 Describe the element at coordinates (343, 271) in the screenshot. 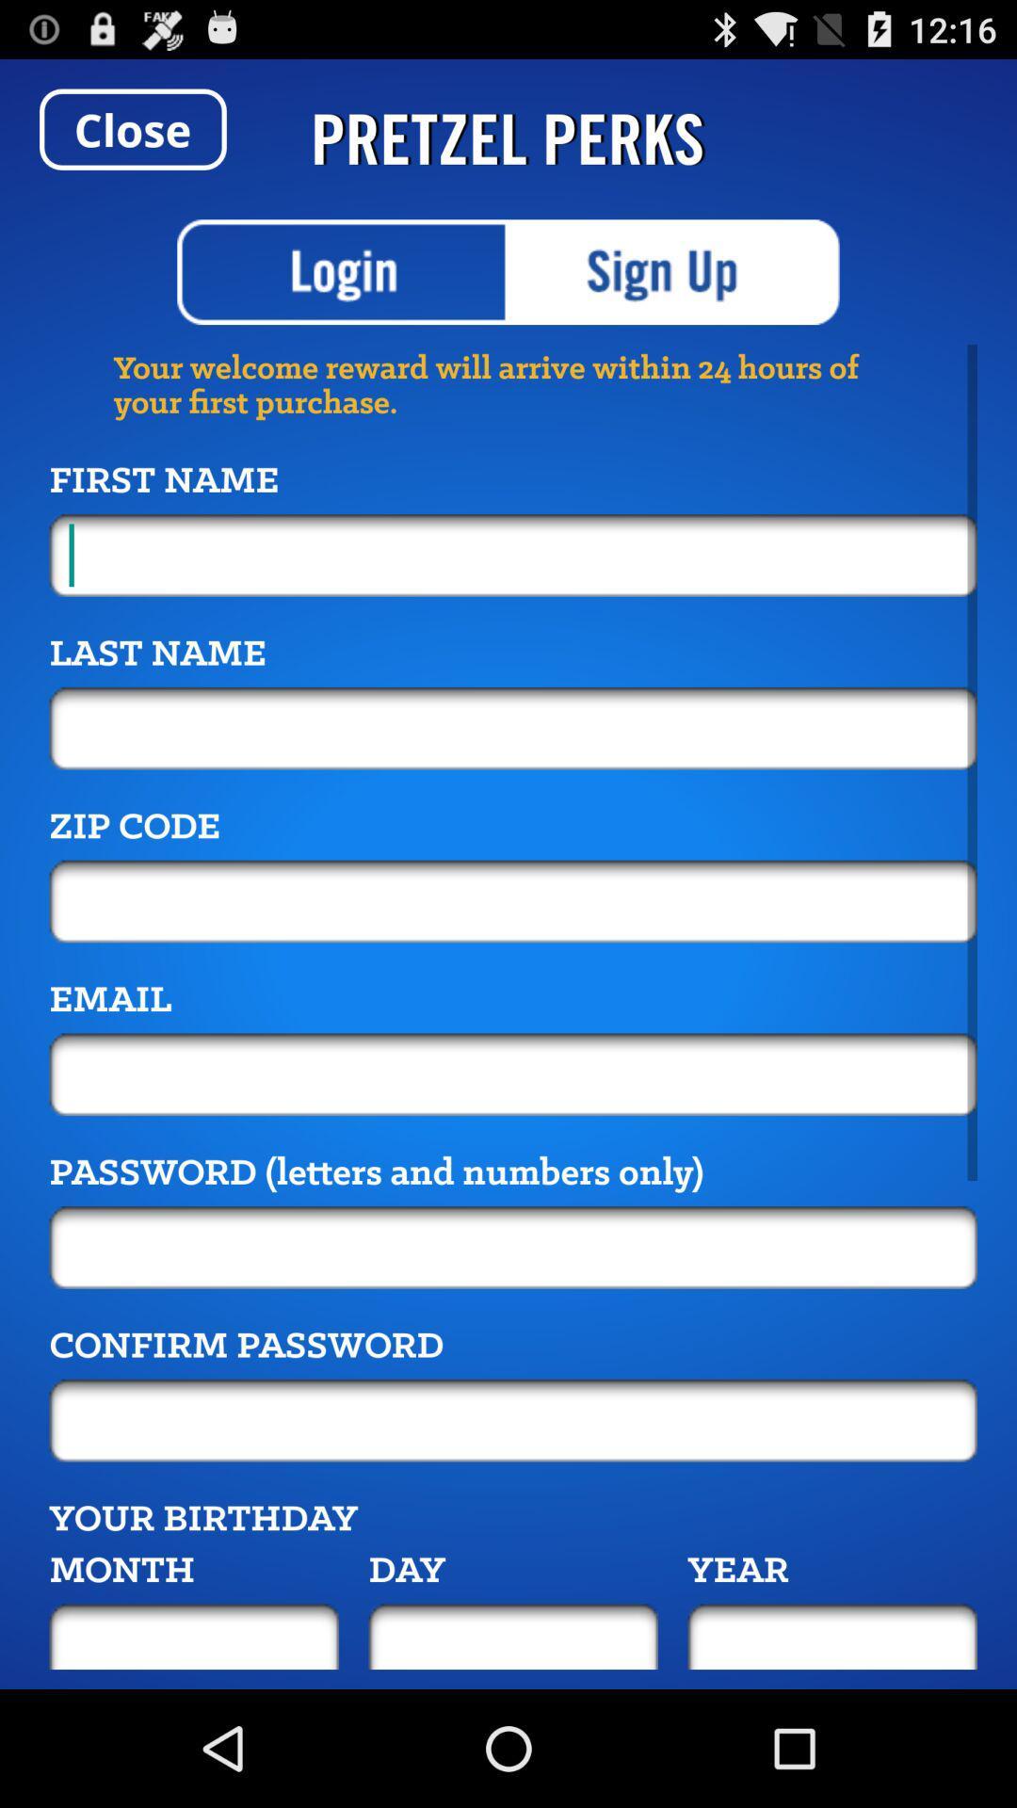

I see `log into the page` at that location.